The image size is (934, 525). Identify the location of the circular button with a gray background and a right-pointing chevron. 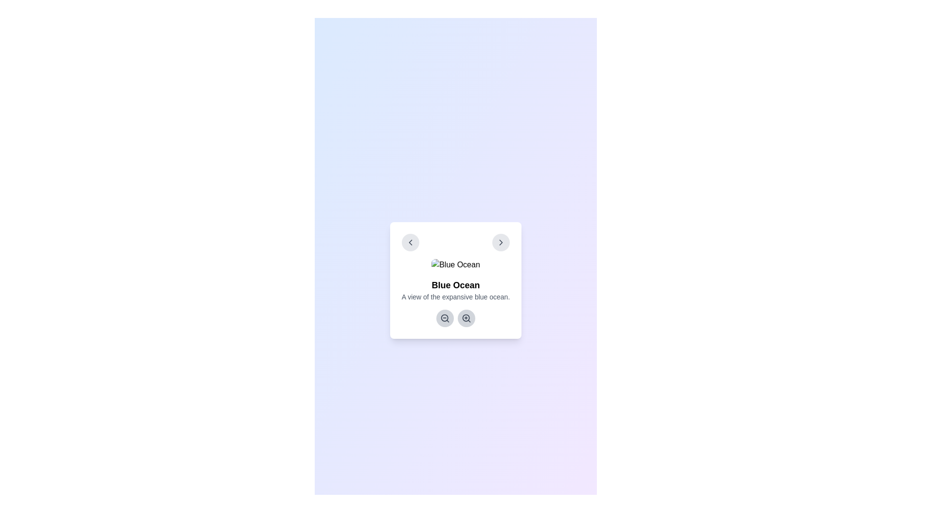
(501, 242).